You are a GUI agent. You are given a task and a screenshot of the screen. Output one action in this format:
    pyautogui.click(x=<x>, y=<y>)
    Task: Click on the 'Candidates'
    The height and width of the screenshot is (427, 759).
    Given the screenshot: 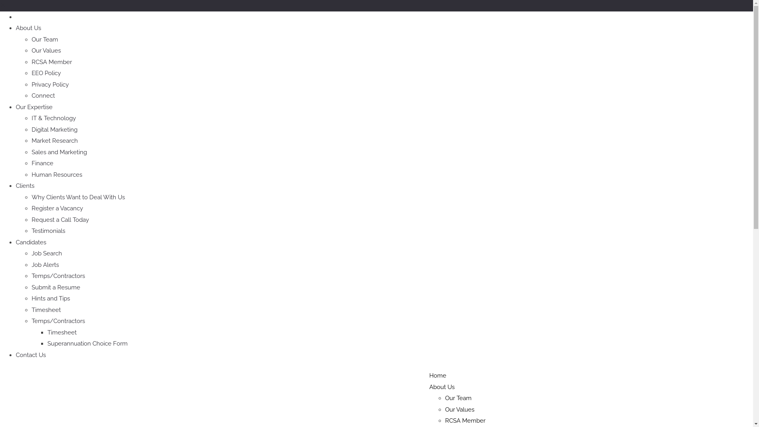 What is the action you would take?
    pyautogui.click(x=31, y=242)
    